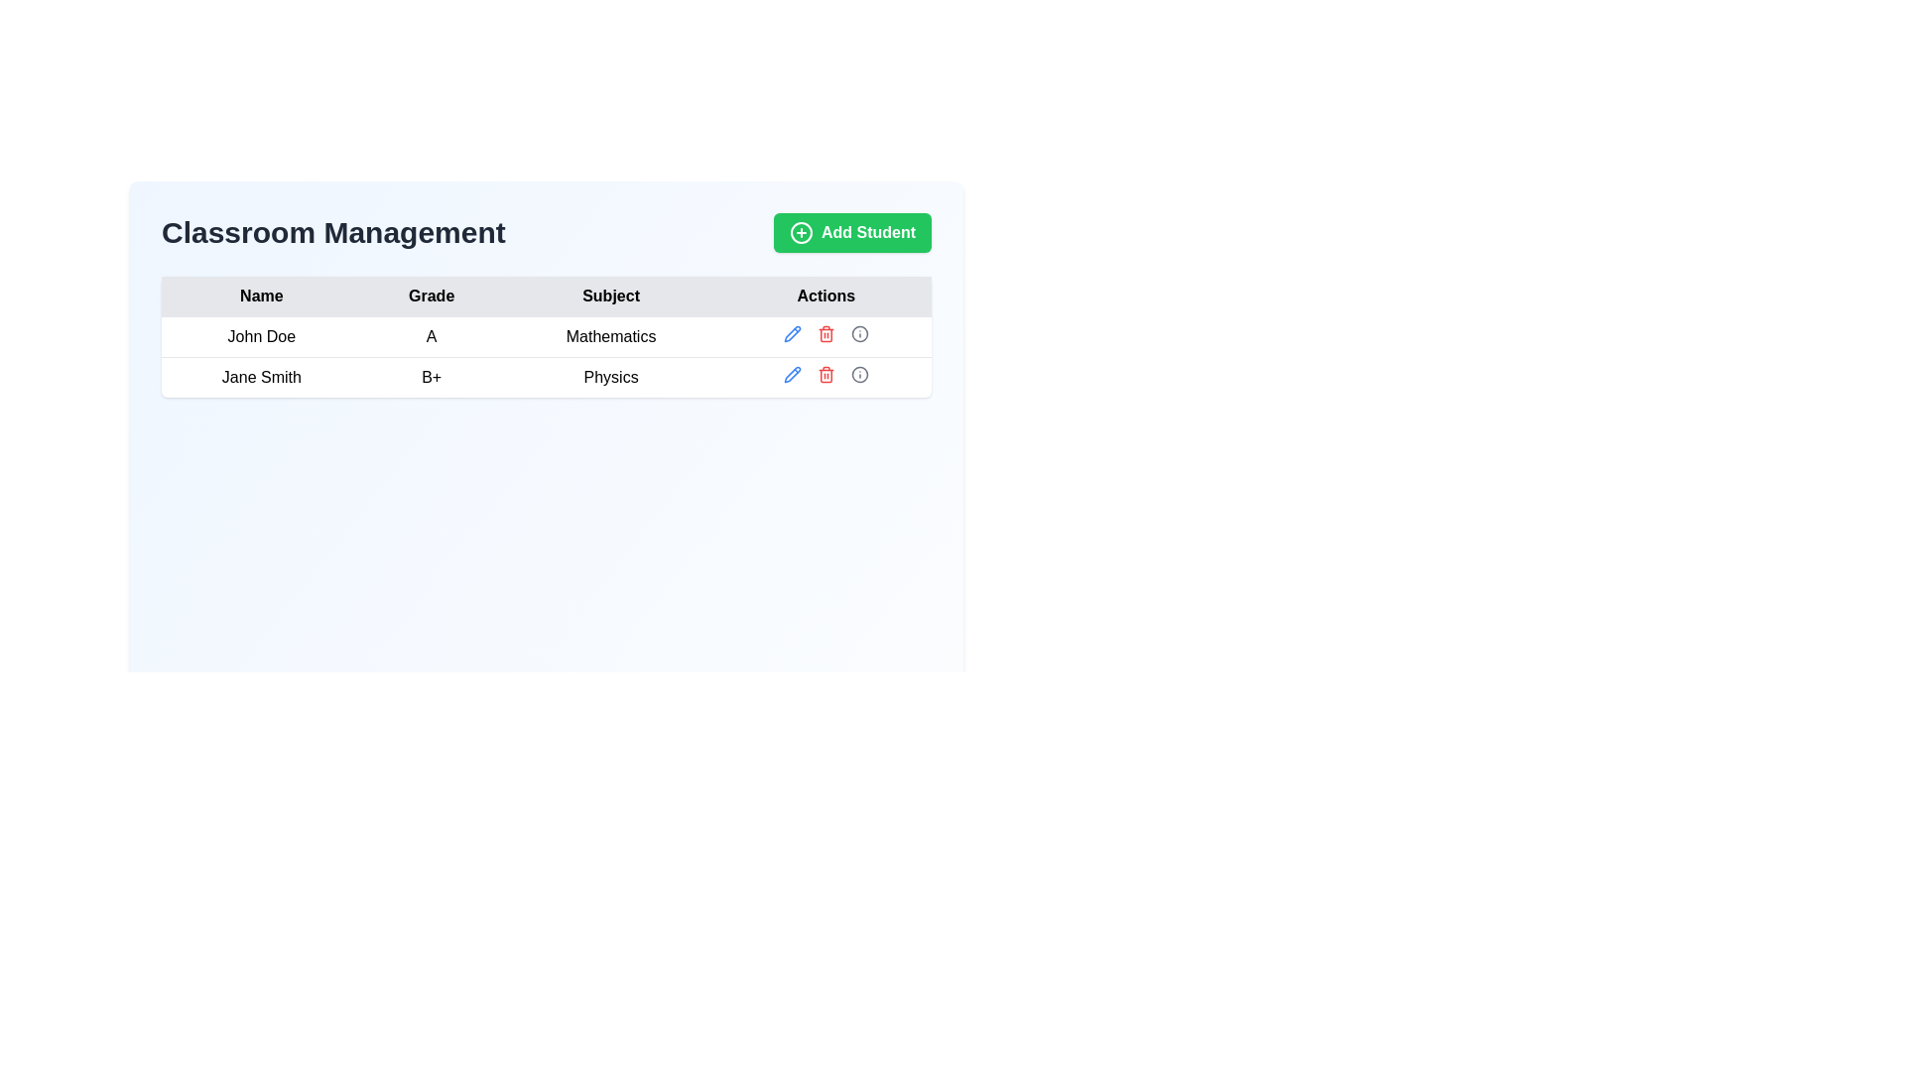 The height and width of the screenshot is (1071, 1905). I want to click on label in the third column header of the table, which provides a heading for the data entries below, positioned between 'Grade' and 'Actions' under 'Classroom Management', so click(610, 297).